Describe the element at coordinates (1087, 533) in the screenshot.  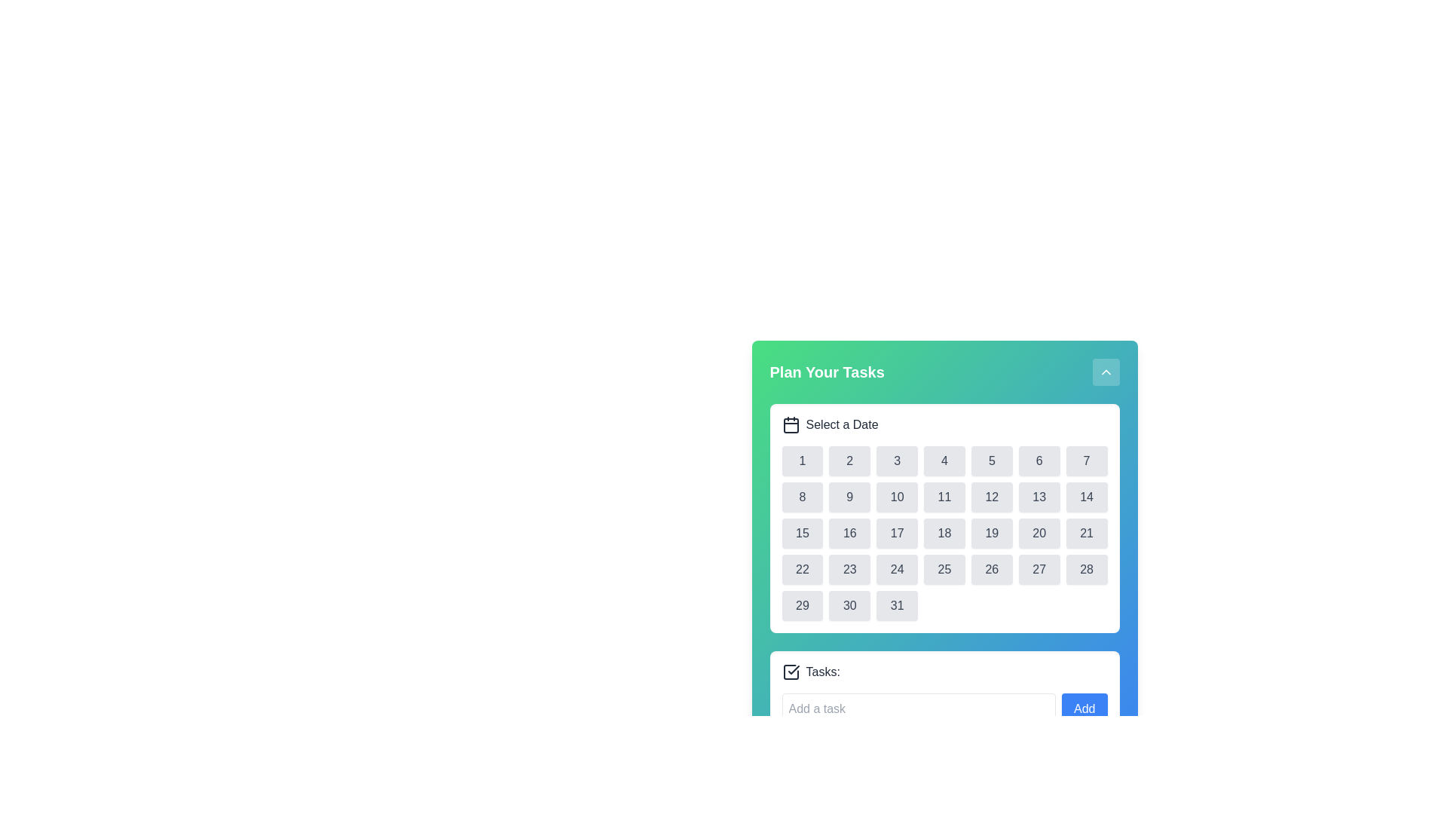
I see `the button displaying the number '21'` at that location.